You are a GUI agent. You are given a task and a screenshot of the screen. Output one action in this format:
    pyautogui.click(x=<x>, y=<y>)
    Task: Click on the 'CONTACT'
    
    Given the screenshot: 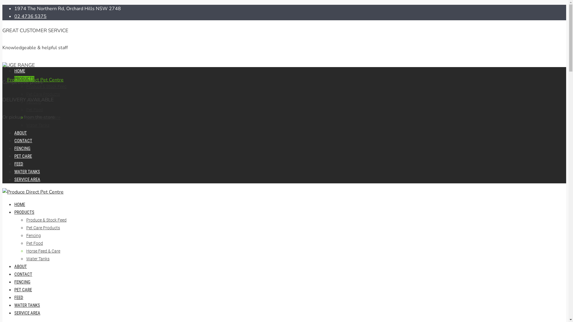 What is the action you would take?
    pyautogui.click(x=23, y=274)
    